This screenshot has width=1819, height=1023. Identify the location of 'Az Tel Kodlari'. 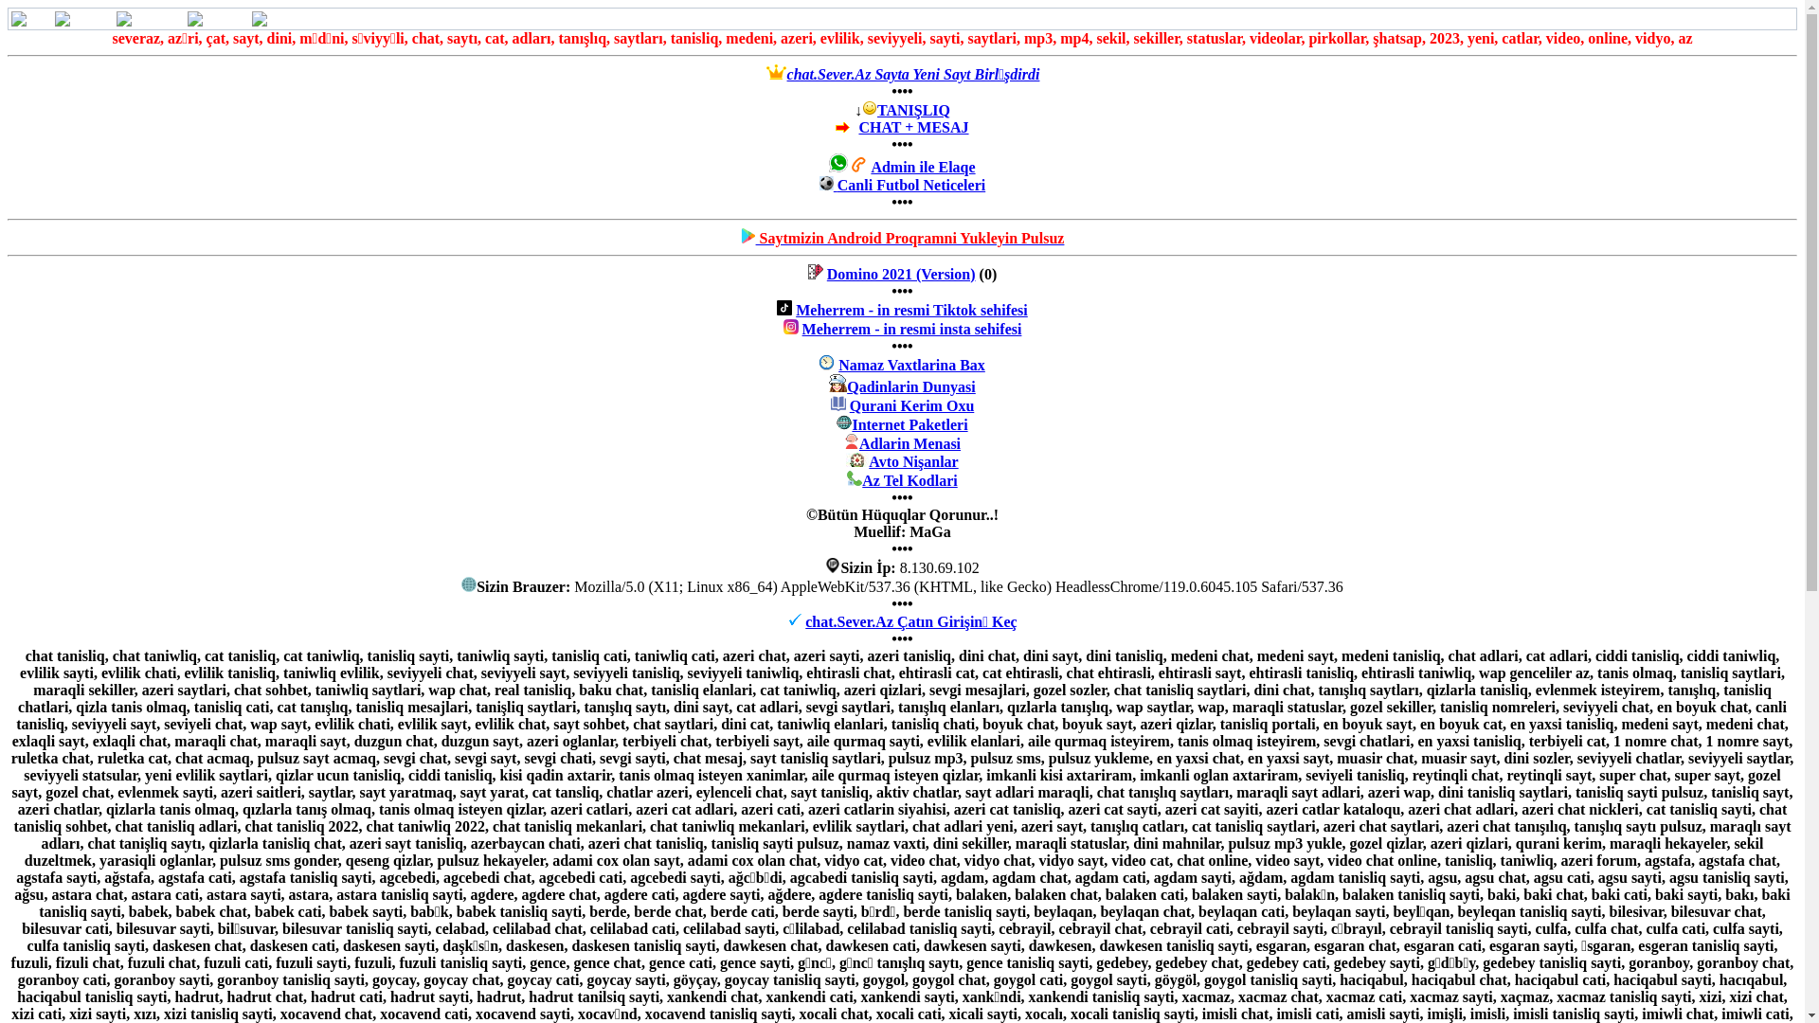
(909, 479).